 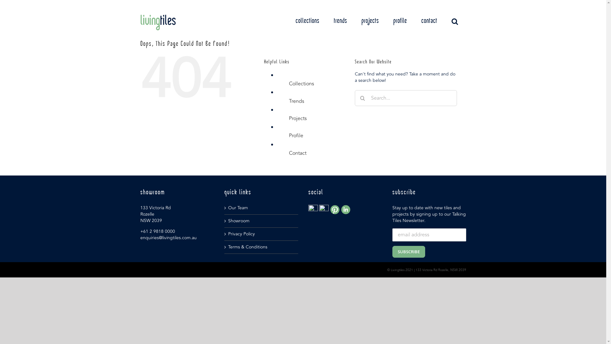 What do you see at coordinates (297, 153) in the screenshot?
I see `'Contact'` at bounding box center [297, 153].